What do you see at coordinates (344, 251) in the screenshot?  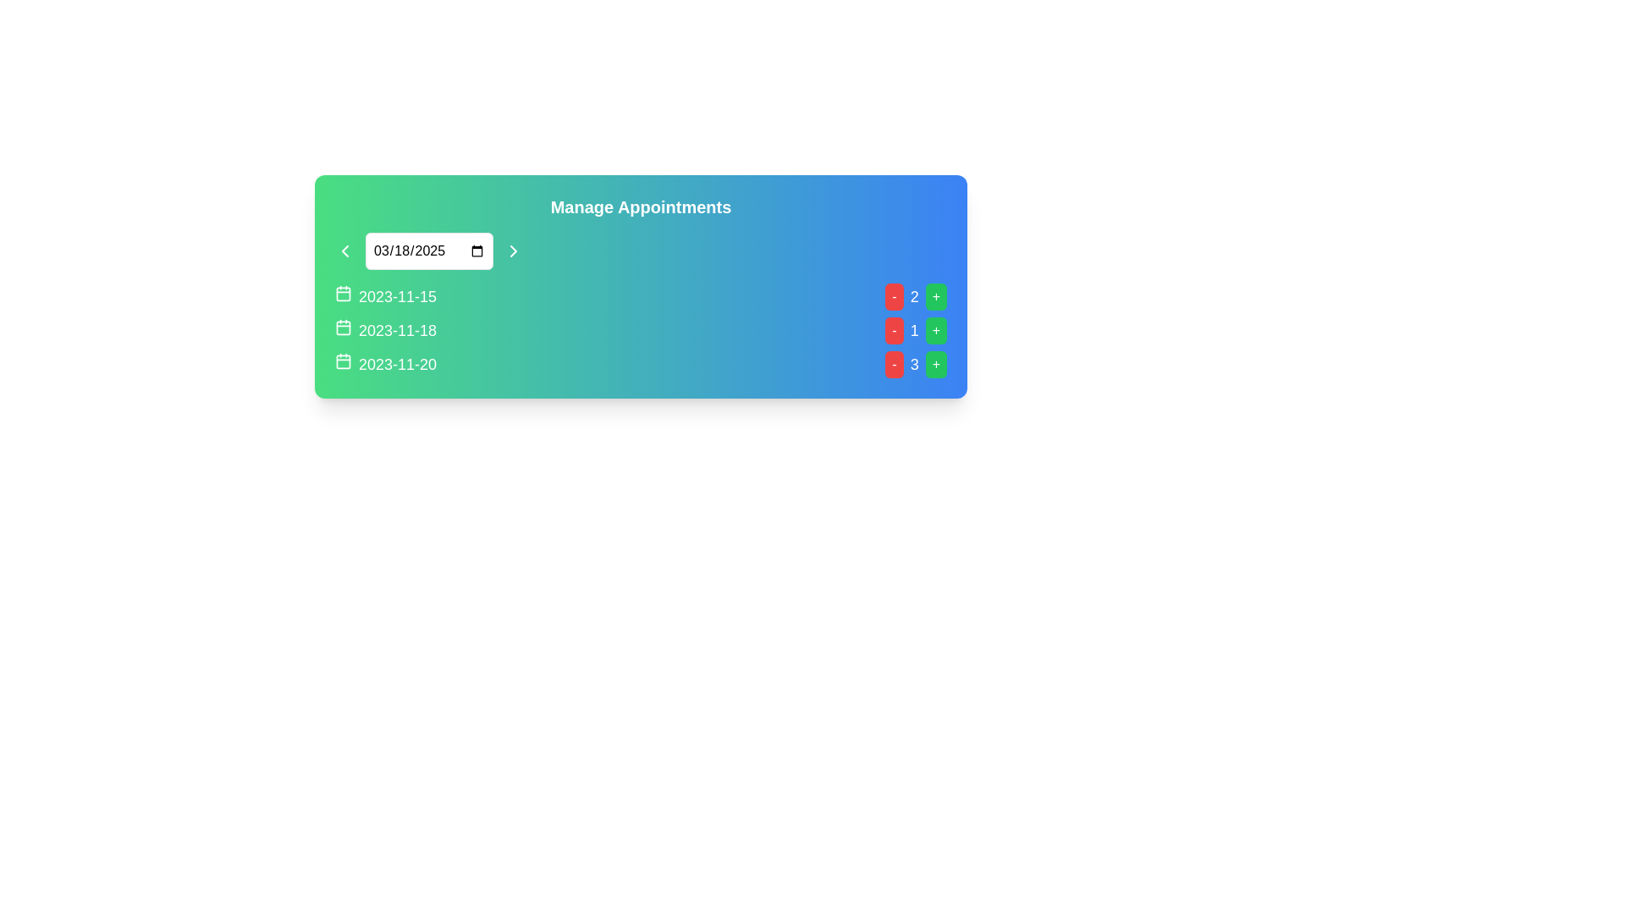 I see `the left-facing chevron arrow icon located in the top-left area of the panel` at bounding box center [344, 251].